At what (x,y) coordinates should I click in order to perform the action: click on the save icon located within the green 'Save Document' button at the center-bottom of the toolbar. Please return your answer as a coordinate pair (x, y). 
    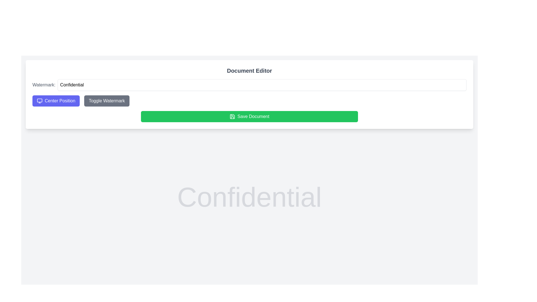
    Looking at the image, I should click on (232, 116).